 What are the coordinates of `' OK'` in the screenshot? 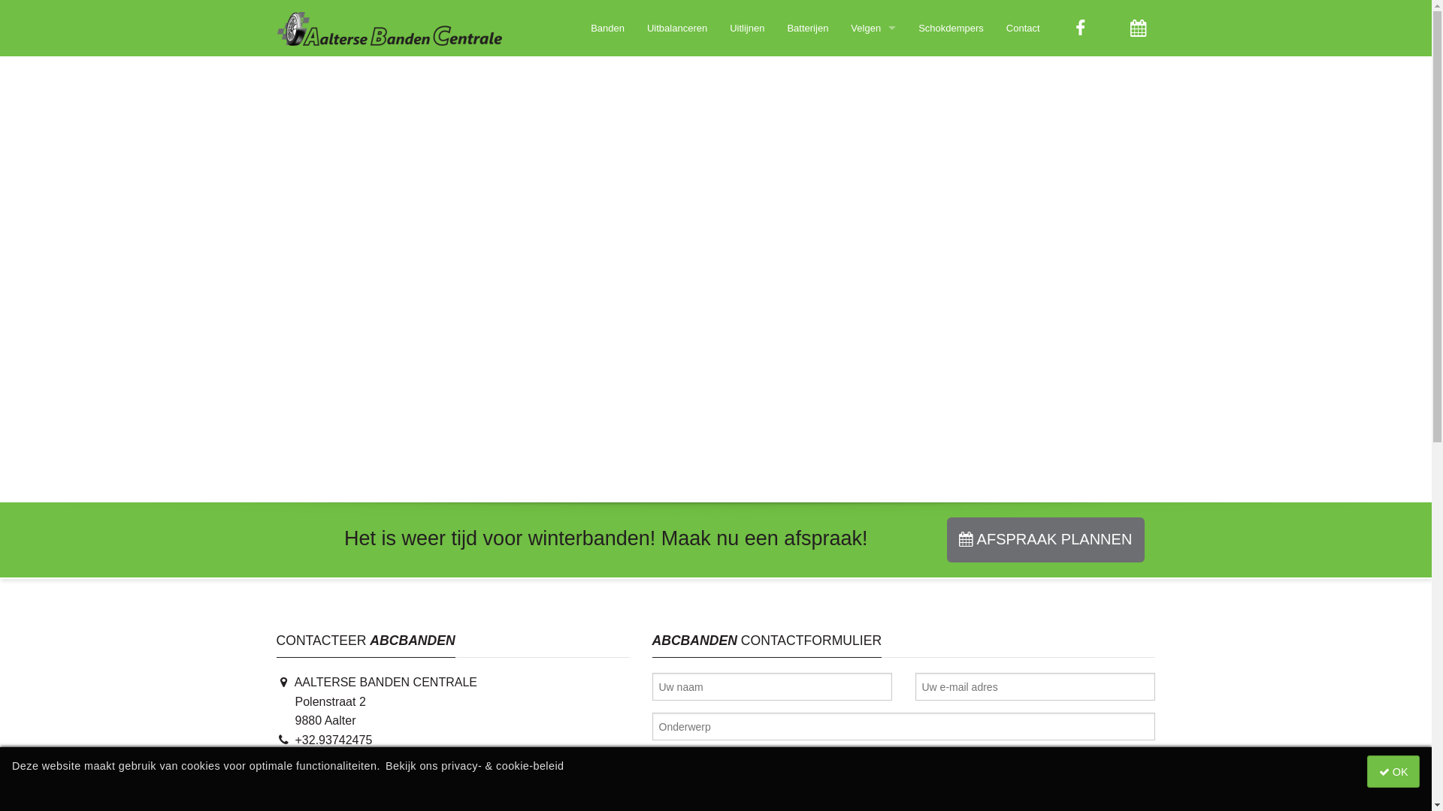 It's located at (1392, 770).